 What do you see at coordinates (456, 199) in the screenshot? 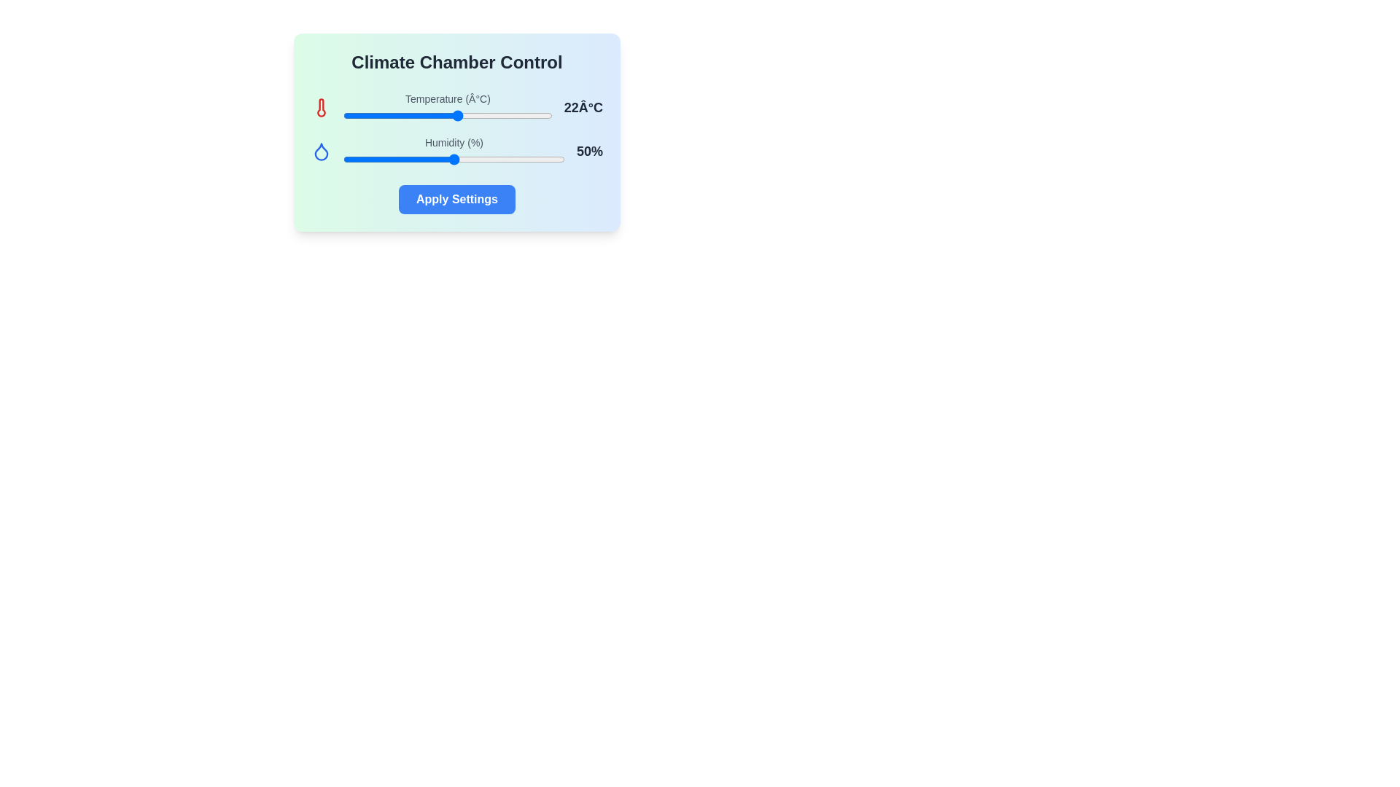
I see `the 'Apply Settings' button` at bounding box center [456, 199].